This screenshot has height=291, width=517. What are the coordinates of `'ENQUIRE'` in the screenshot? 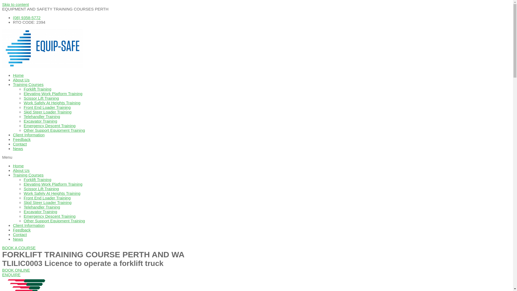 It's located at (11, 275).